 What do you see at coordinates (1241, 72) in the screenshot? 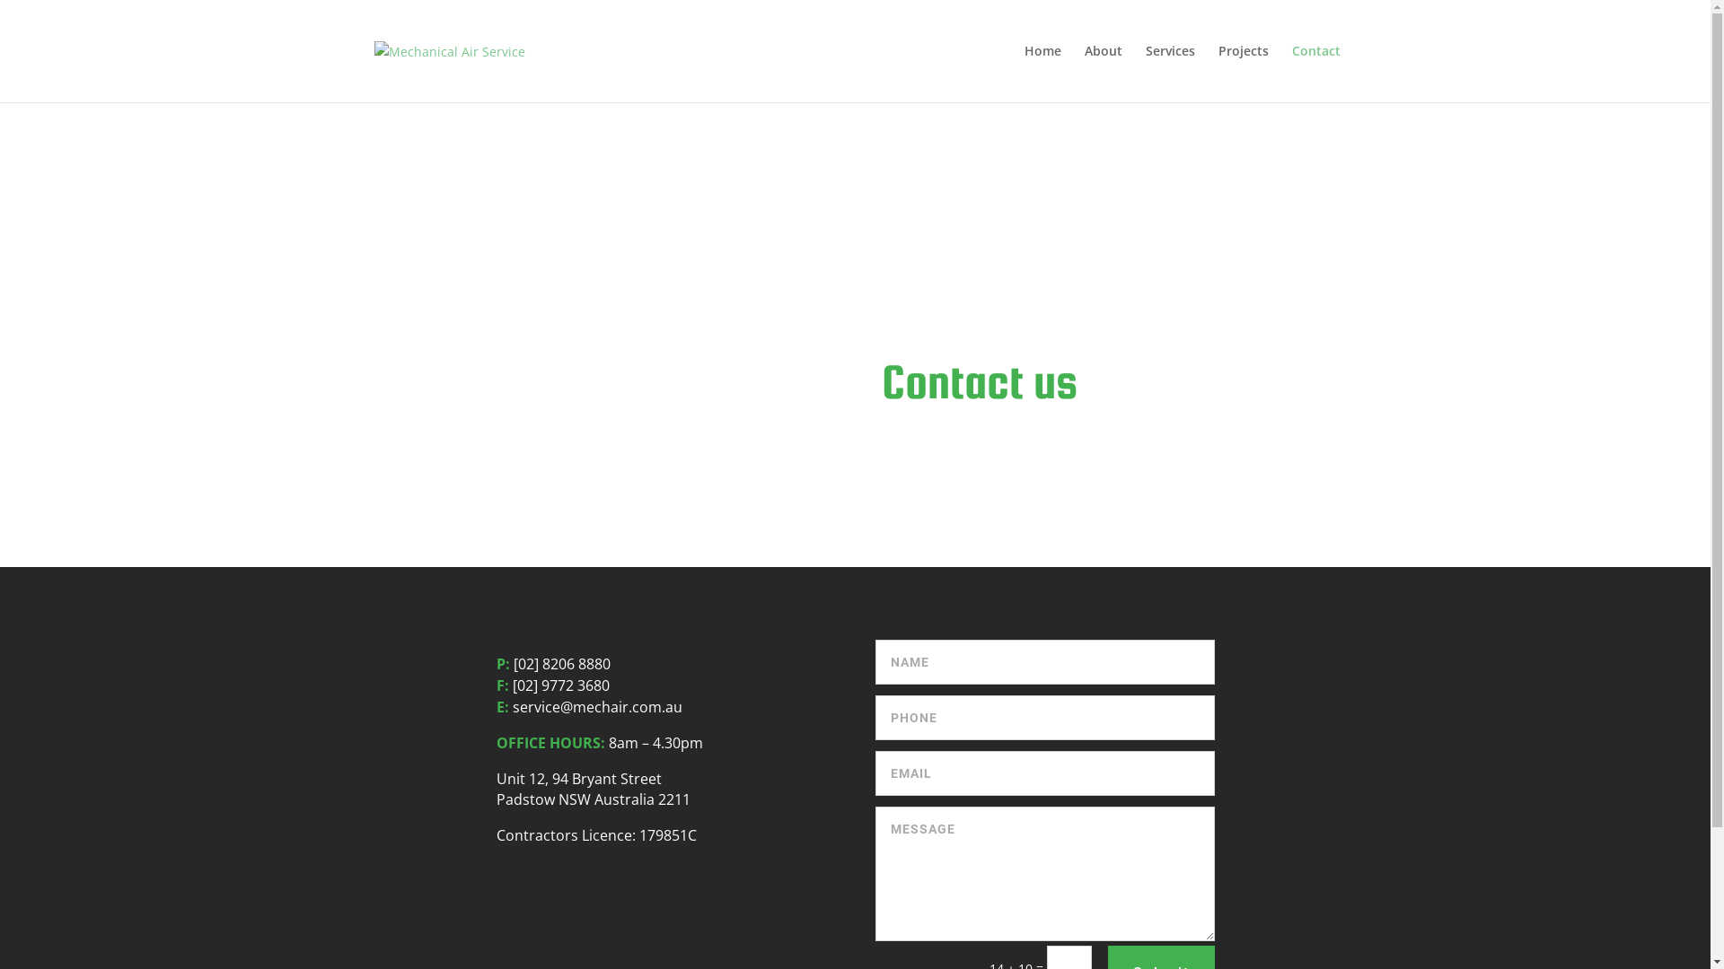
I see `'Projects'` at bounding box center [1241, 72].